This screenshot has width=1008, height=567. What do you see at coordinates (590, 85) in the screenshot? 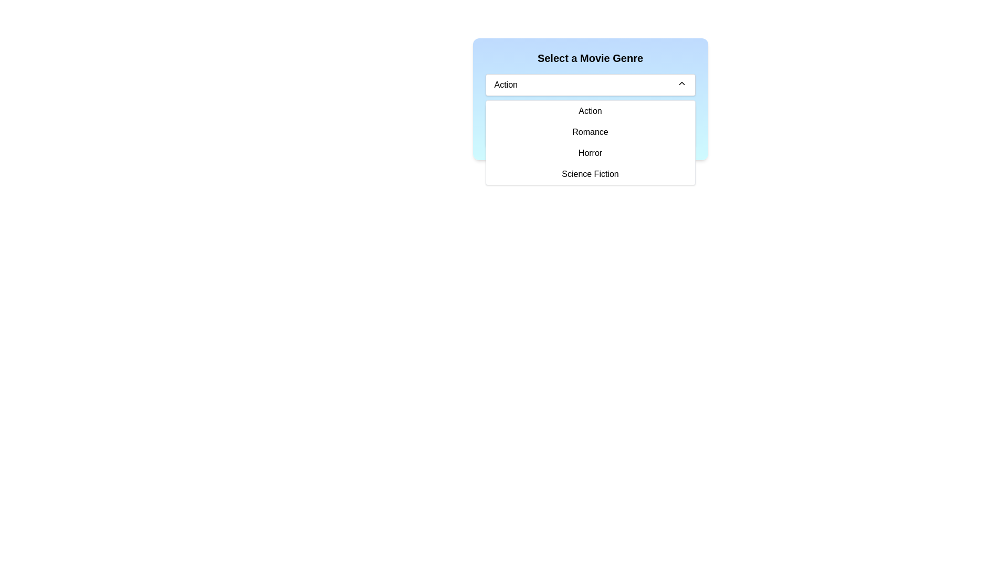
I see `the dropdown menu displaying 'Action' to trigger focus effects` at bounding box center [590, 85].